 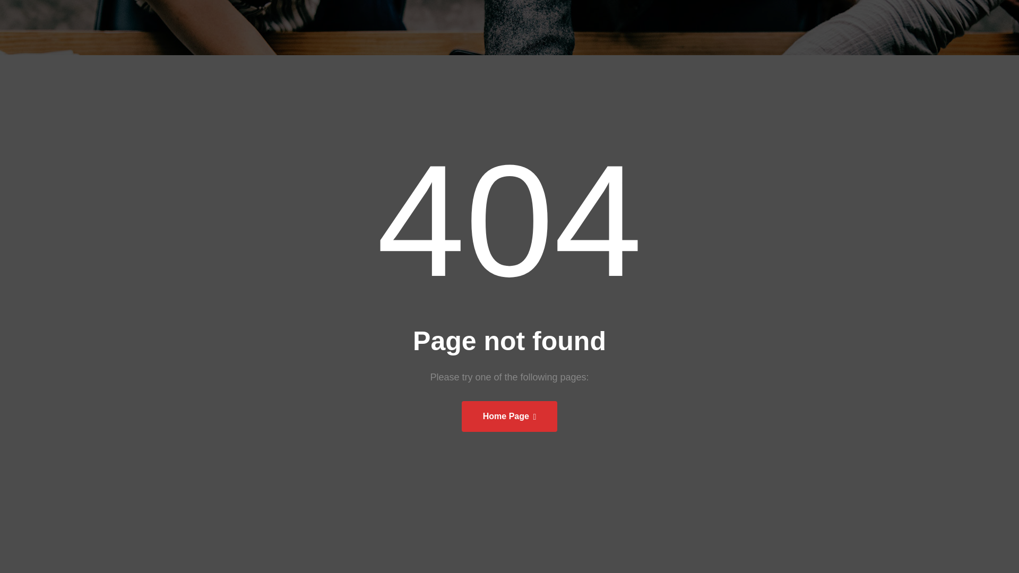 What do you see at coordinates (509, 416) in the screenshot?
I see `'Home Page'` at bounding box center [509, 416].